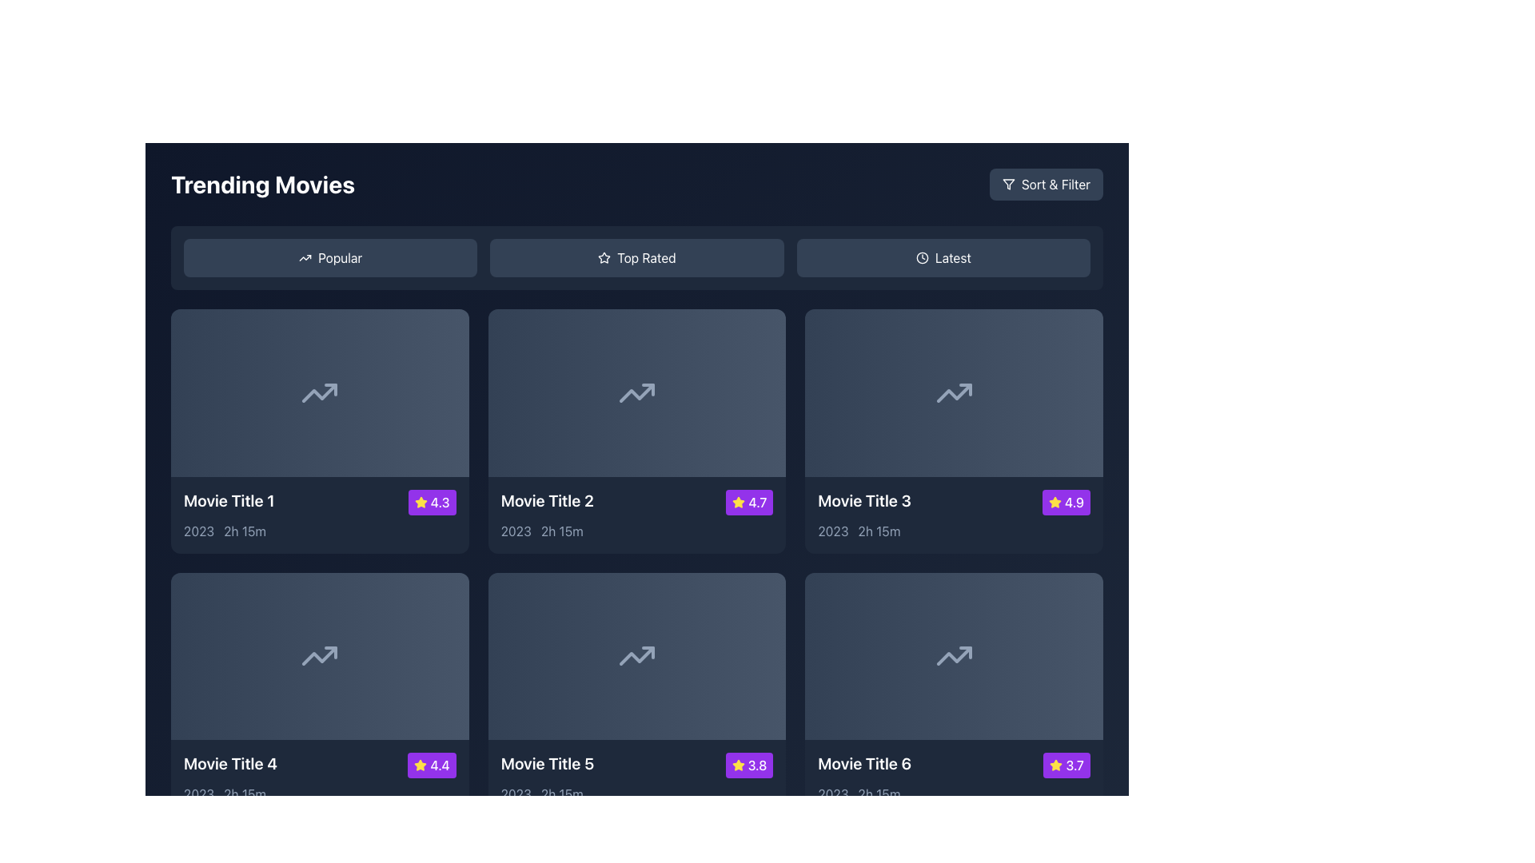 The width and height of the screenshot is (1535, 863). I want to click on the text label displaying '2023', located in the bottom-left corner of the card for 'Movie Title 6', so click(832, 794).